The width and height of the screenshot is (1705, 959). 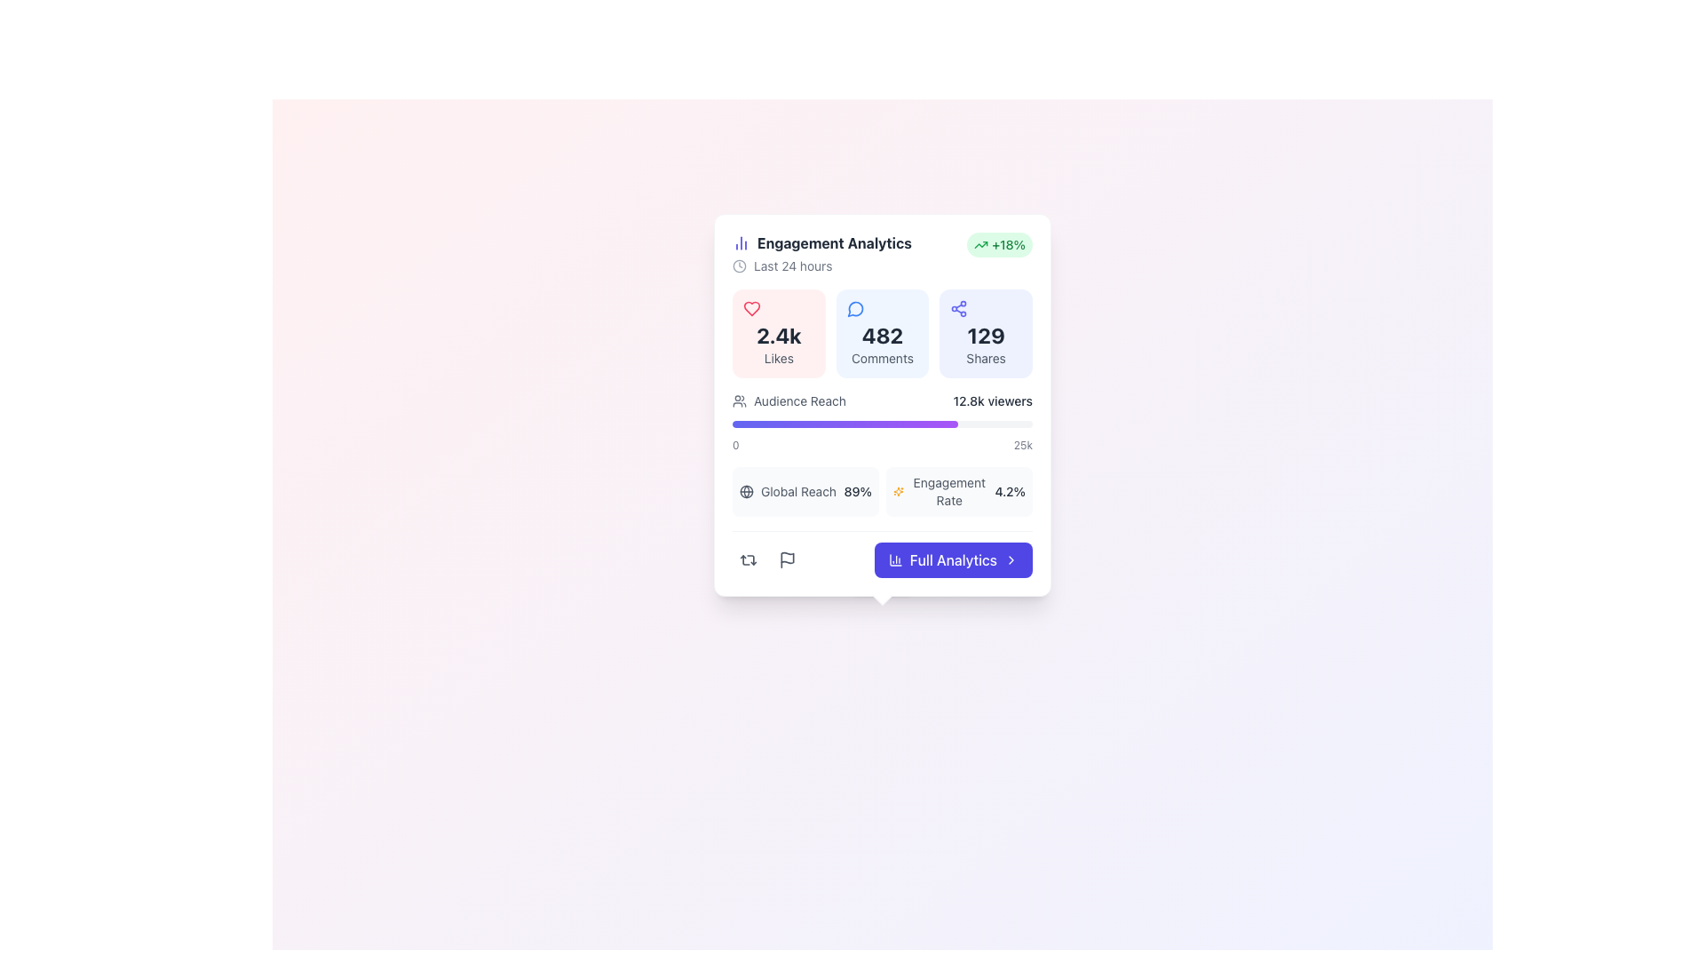 What do you see at coordinates (741, 242) in the screenshot?
I see `the small blue bar chart icon located to the left of the 'Engagement Analytics' text at the top left corner of the engagement analytics summary card` at bounding box center [741, 242].